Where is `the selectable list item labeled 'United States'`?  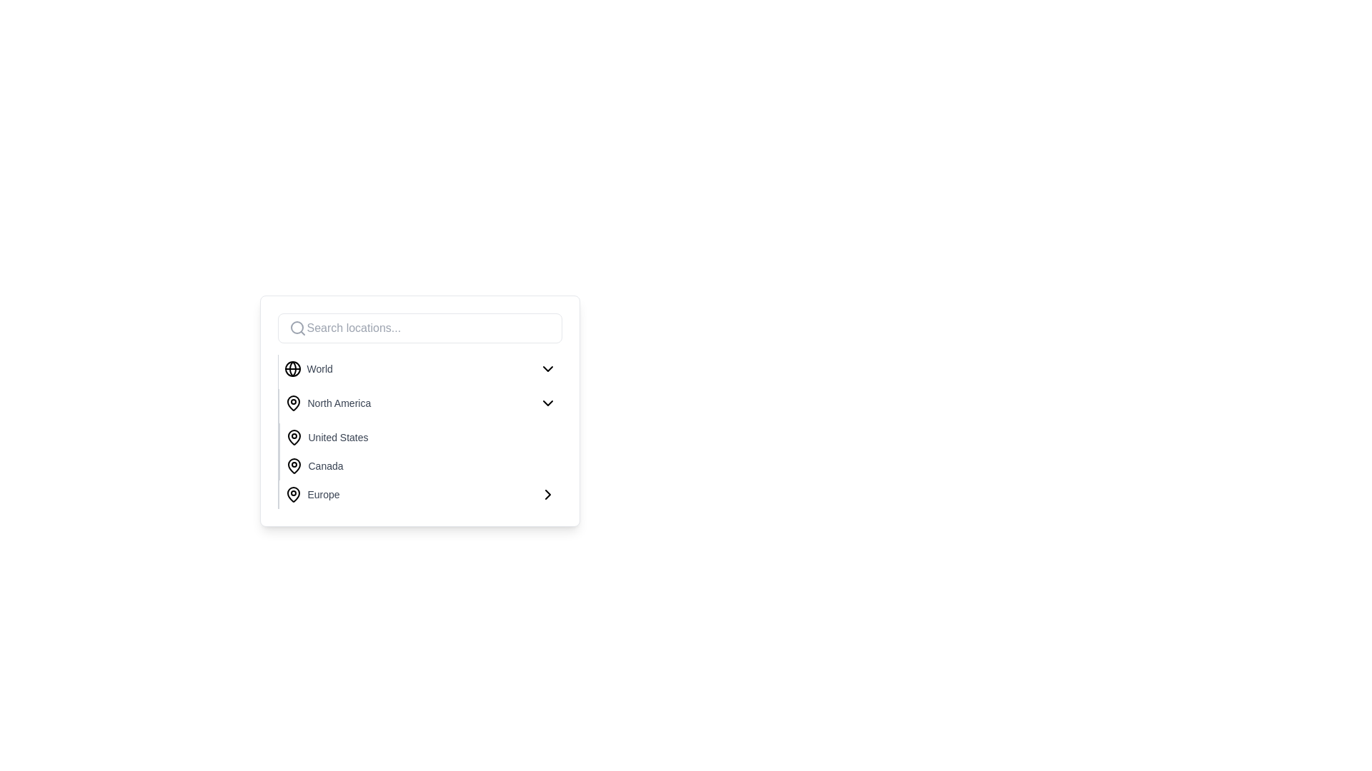
the selectable list item labeled 'United States' is located at coordinates (326, 437).